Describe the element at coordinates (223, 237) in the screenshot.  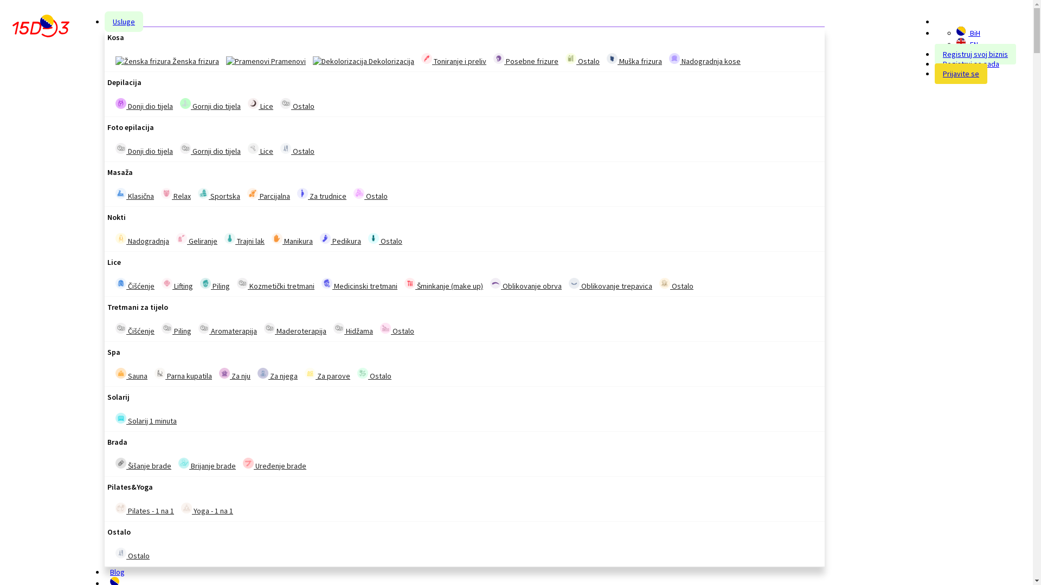
I see `'Trajni lak'` at that location.